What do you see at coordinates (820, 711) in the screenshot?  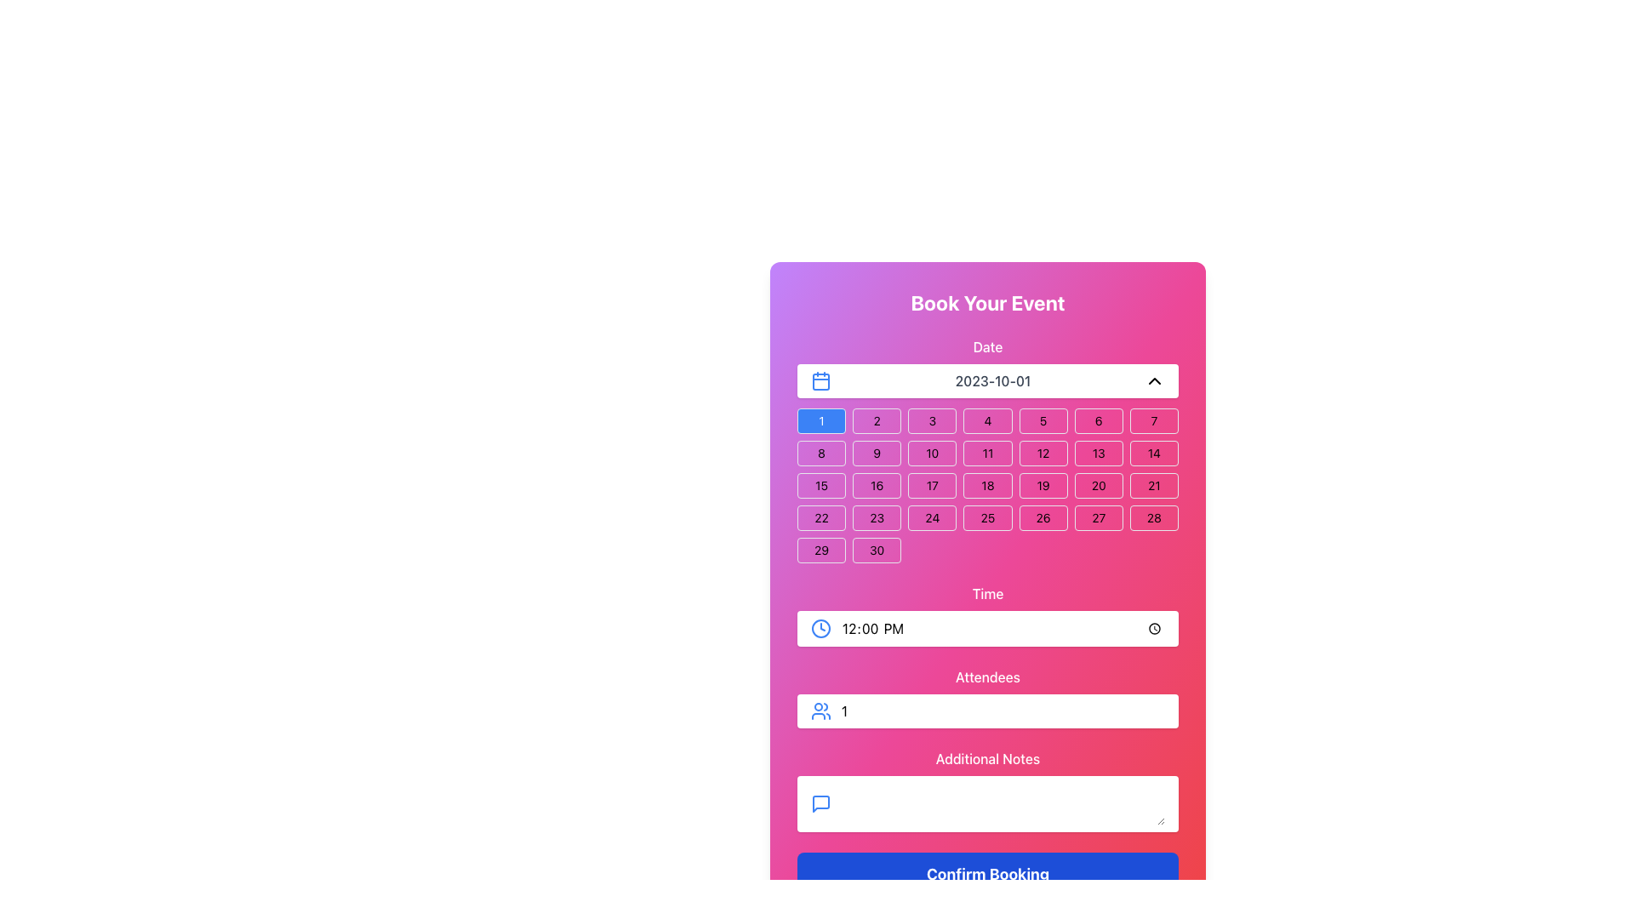 I see `the small SVG icon featuring two stylized user figures outlined in blue, located to the left of the numeric input field labeled 'Attendees'` at bounding box center [820, 711].